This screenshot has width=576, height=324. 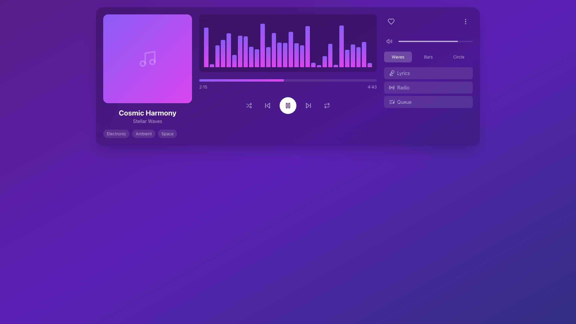 I want to click on the fourth vertical bar in the waveform visualization, which represents a data value or intensity level, so click(x=223, y=53).